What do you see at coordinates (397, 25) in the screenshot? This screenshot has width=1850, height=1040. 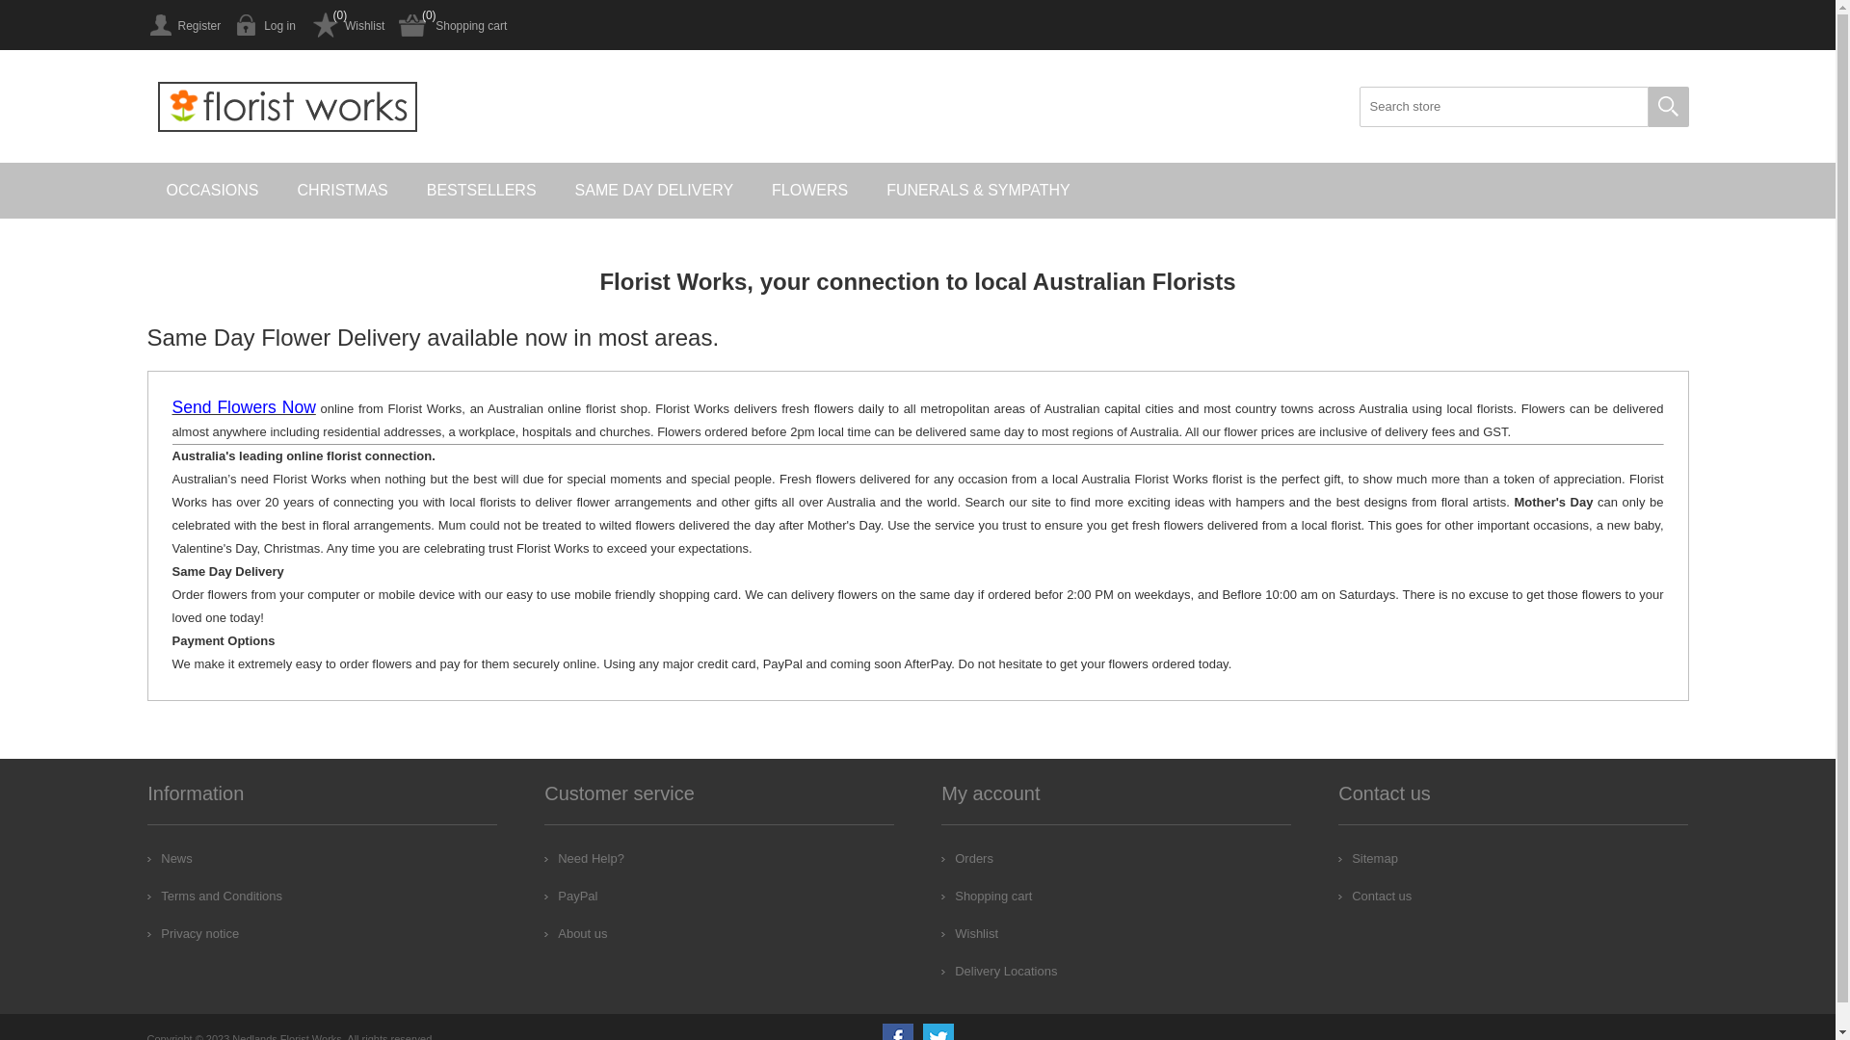 I see `'Shopping cart'` at bounding box center [397, 25].